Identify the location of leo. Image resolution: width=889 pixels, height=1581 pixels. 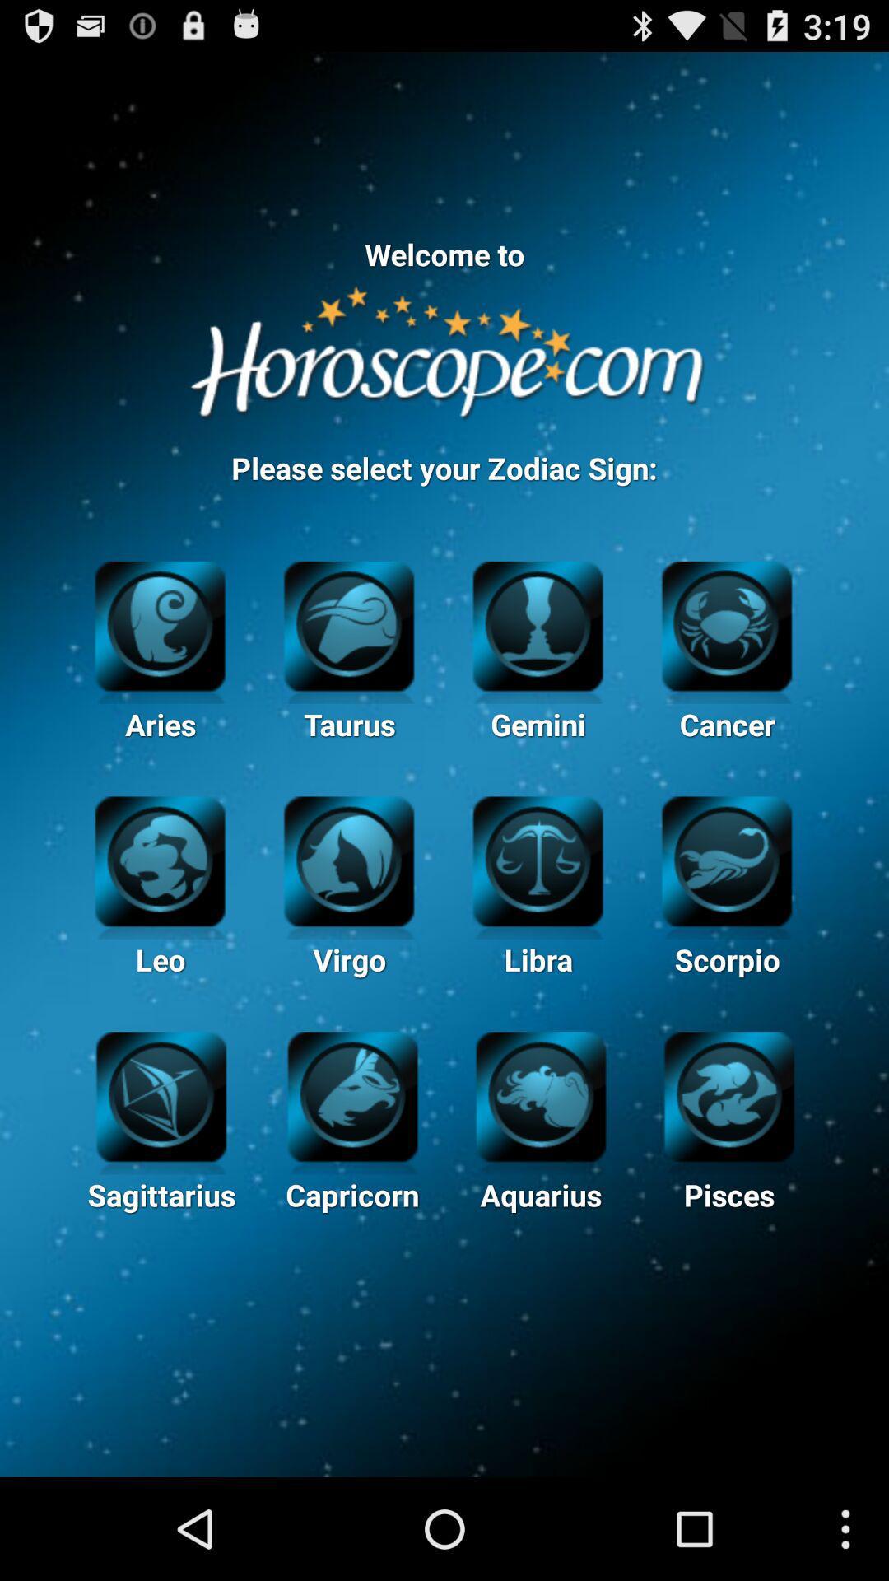
(160, 858).